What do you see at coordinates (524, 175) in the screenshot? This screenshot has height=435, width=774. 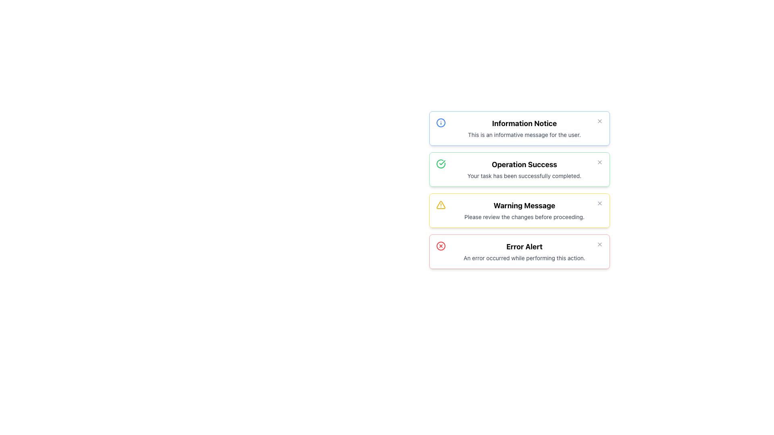 I see `informational message from the Text Label indicating task completion, located below the header 'Operation Success.'` at bounding box center [524, 175].